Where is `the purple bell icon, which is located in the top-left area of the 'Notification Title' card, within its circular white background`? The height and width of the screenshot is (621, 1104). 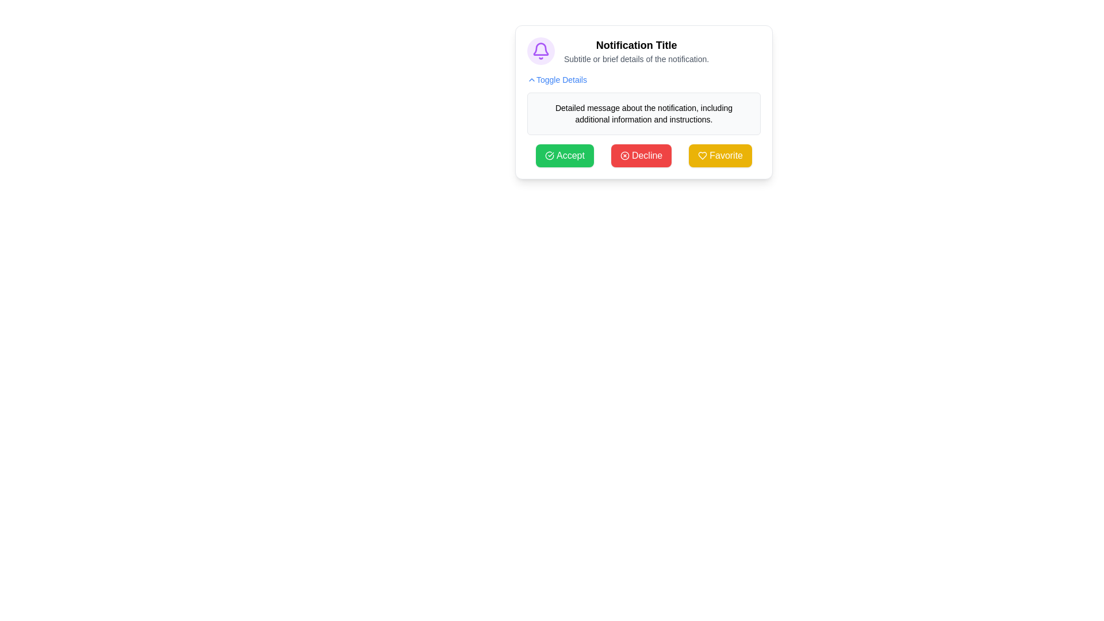 the purple bell icon, which is located in the top-left area of the 'Notification Title' card, within its circular white background is located at coordinates (540, 50).